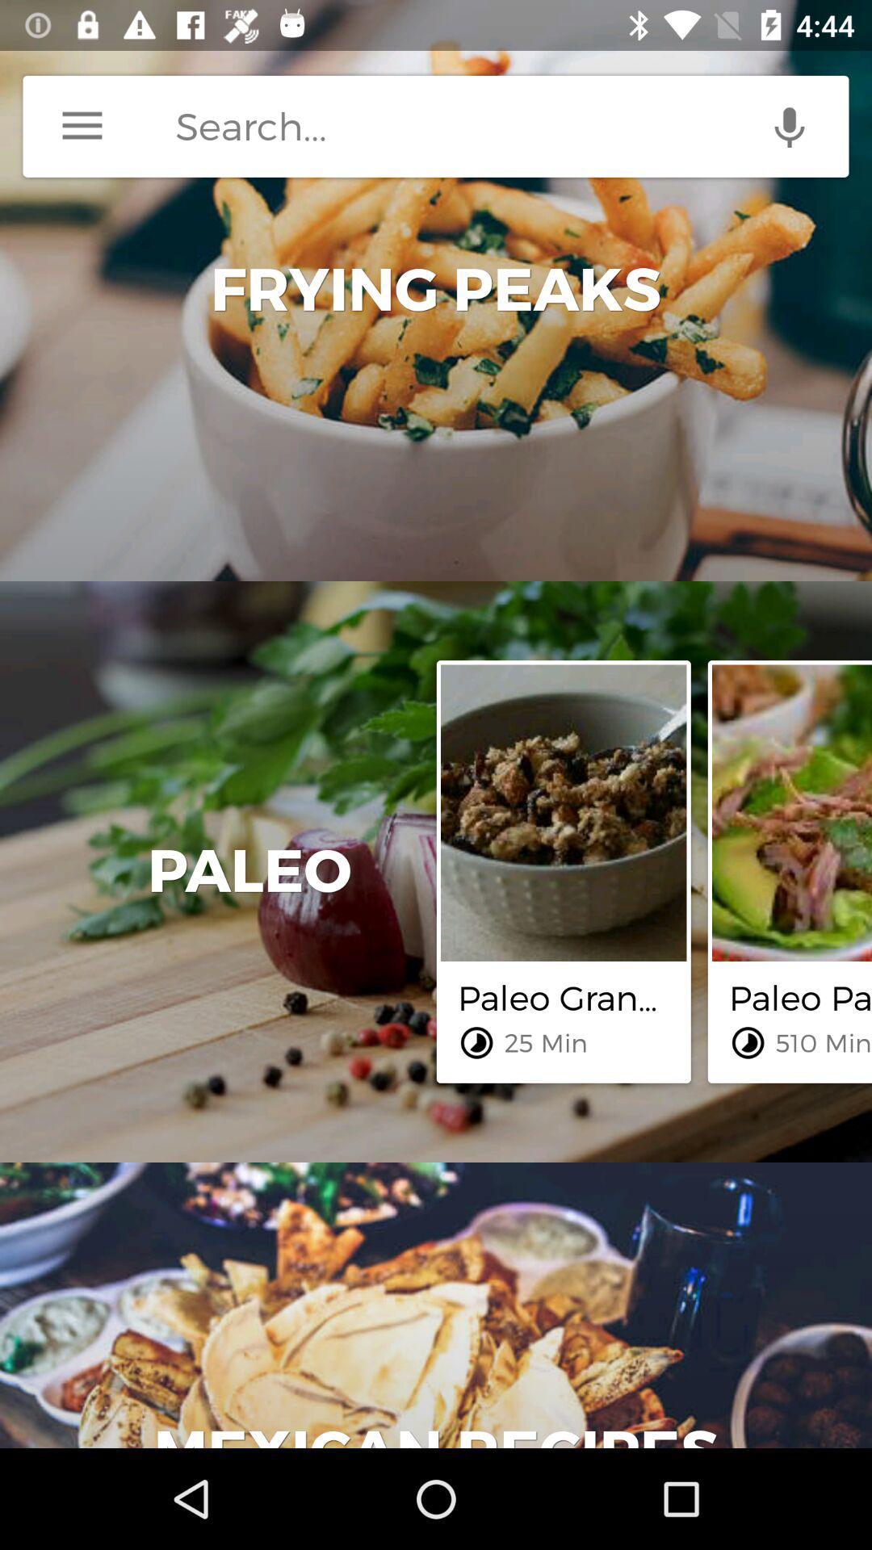  Describe the element at coordinates (82, 125) in the screenshot. I see `menu button` at that location.